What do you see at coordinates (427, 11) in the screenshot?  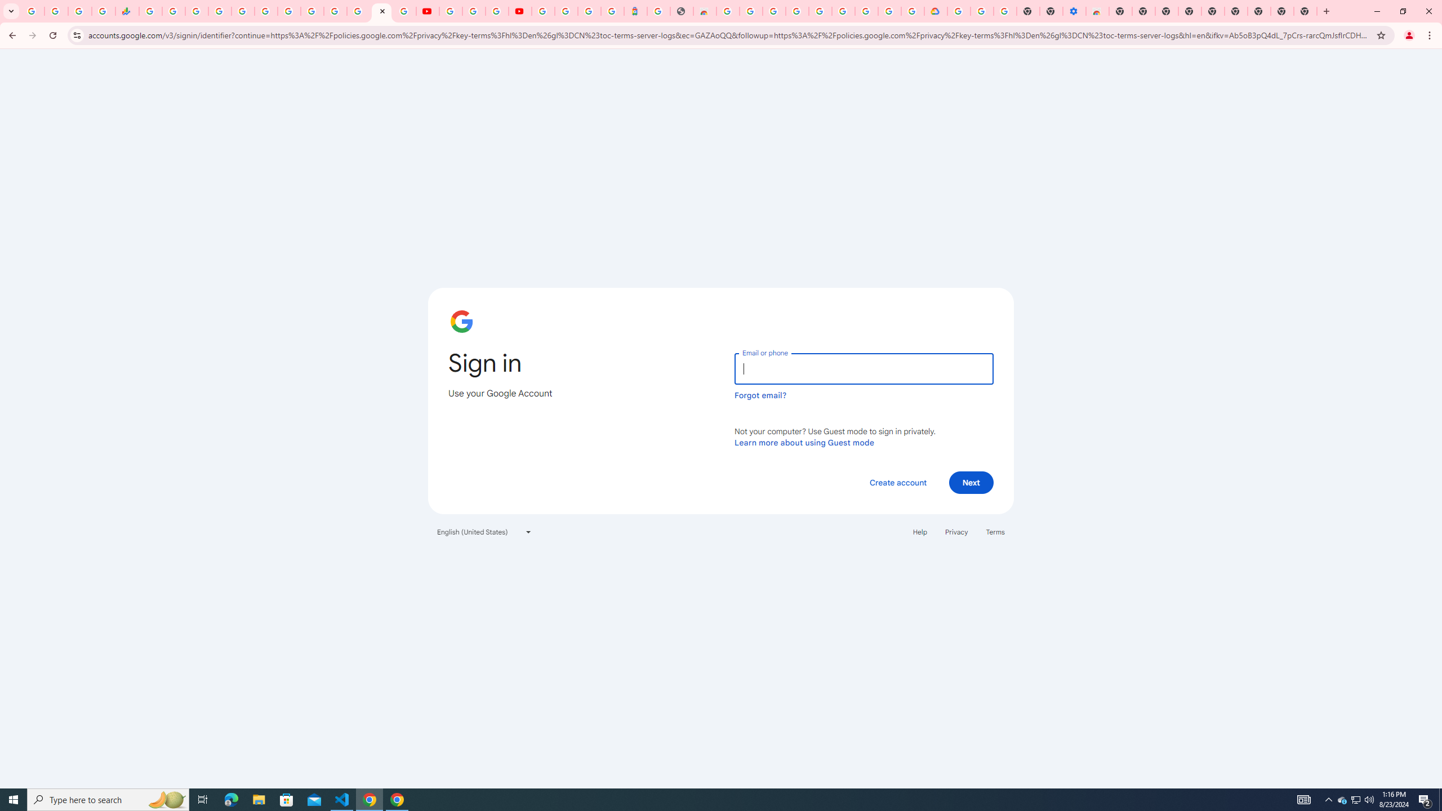 I see `'YouTube'` at bounding box center [427, 11].